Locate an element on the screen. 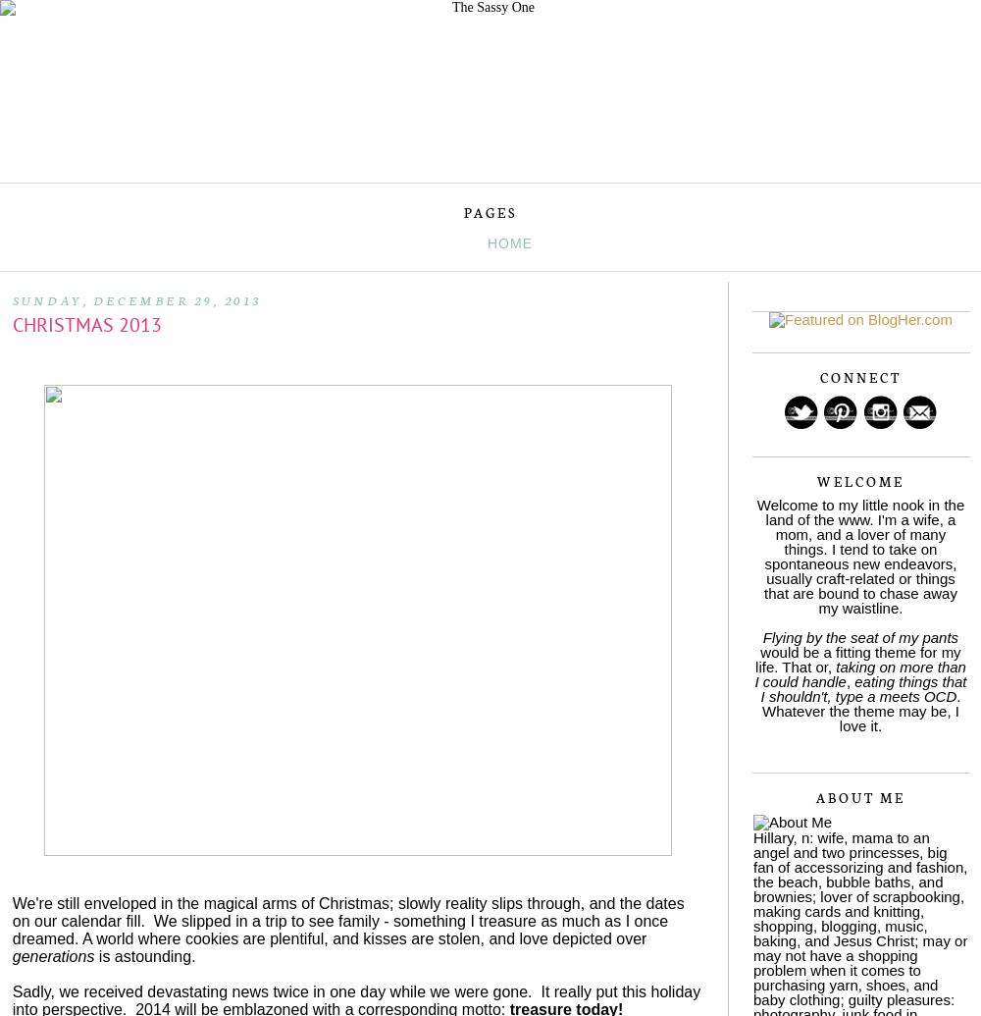 This screenshot has width=981, height=1016. 'Flying by the seat of my pants' is located at coordinates (860, 636).